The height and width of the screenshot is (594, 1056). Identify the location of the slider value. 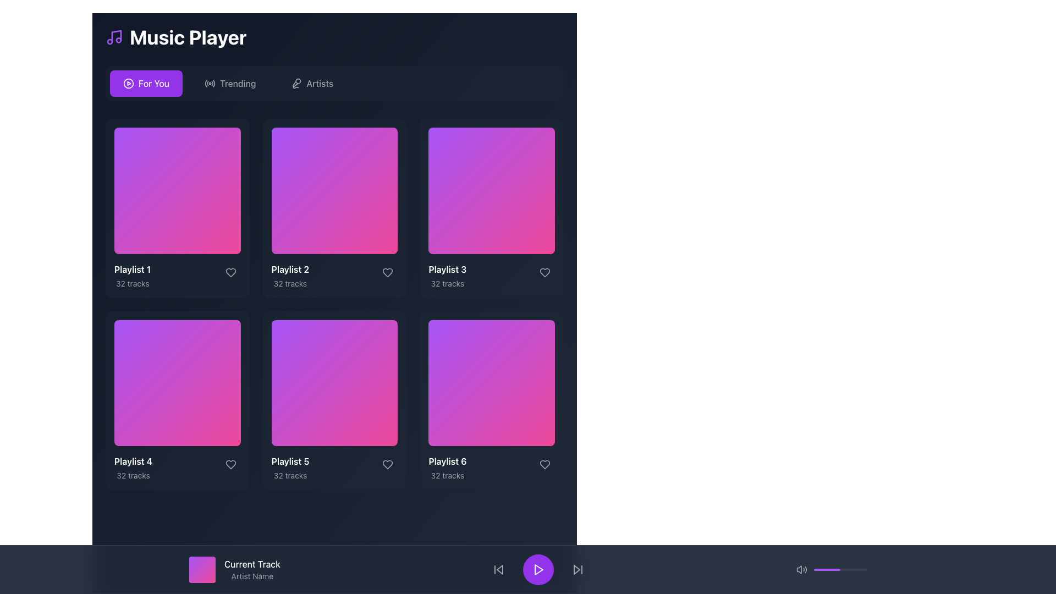
(845, 569).